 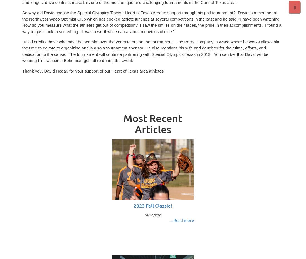 I want to click on 'to support through his golf tournament?  David is a member of the Northwest Waco Optimist Club which has cooked athlete lunches at several competitions in the past and he said, “I have been watching.  How do you measure what the athletes get out of competition?  I saw the smiles on their faces, the pride in their accomplishments.  I found a way to give back to something.  It was a worthwhile cause and an obvious choice.”', so click(x=152, y=22).